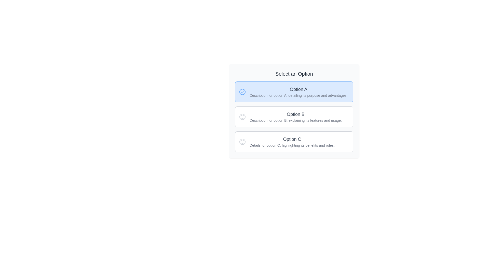 The height and width of the screenshot is (275, 489). What do you see at coordinates (292, 139) in the screenshot?
I see `the text label that serves as the title for the third selectable option in a vertical list, positioned above the descriptive text 'Details for option C.'` at bounding box center [292, 139].